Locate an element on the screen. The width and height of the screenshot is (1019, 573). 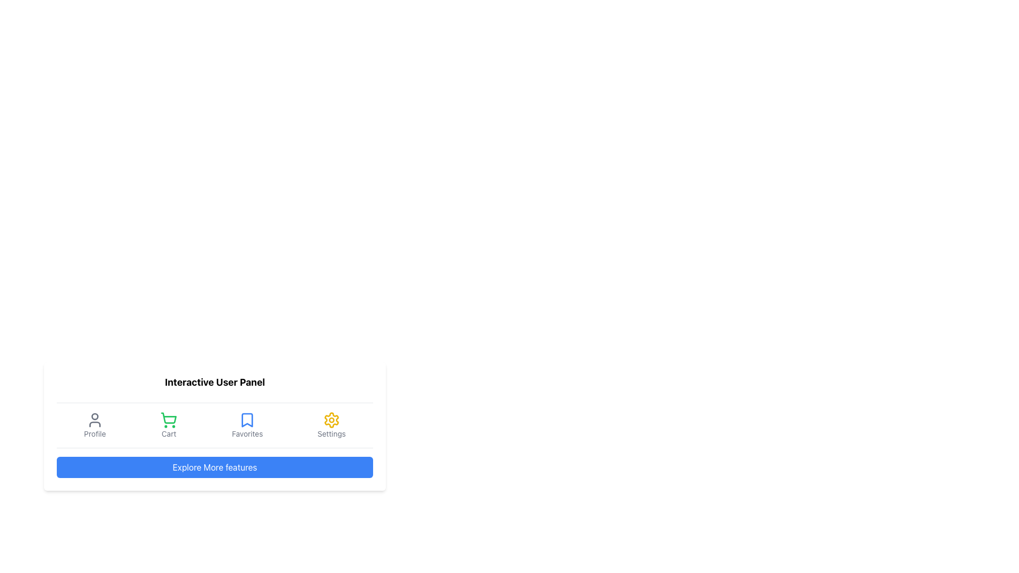
the shopping cart icon, which is the second element in a horizontal menu at the bottom of the interactive panel is located at coordinates (168, 418).